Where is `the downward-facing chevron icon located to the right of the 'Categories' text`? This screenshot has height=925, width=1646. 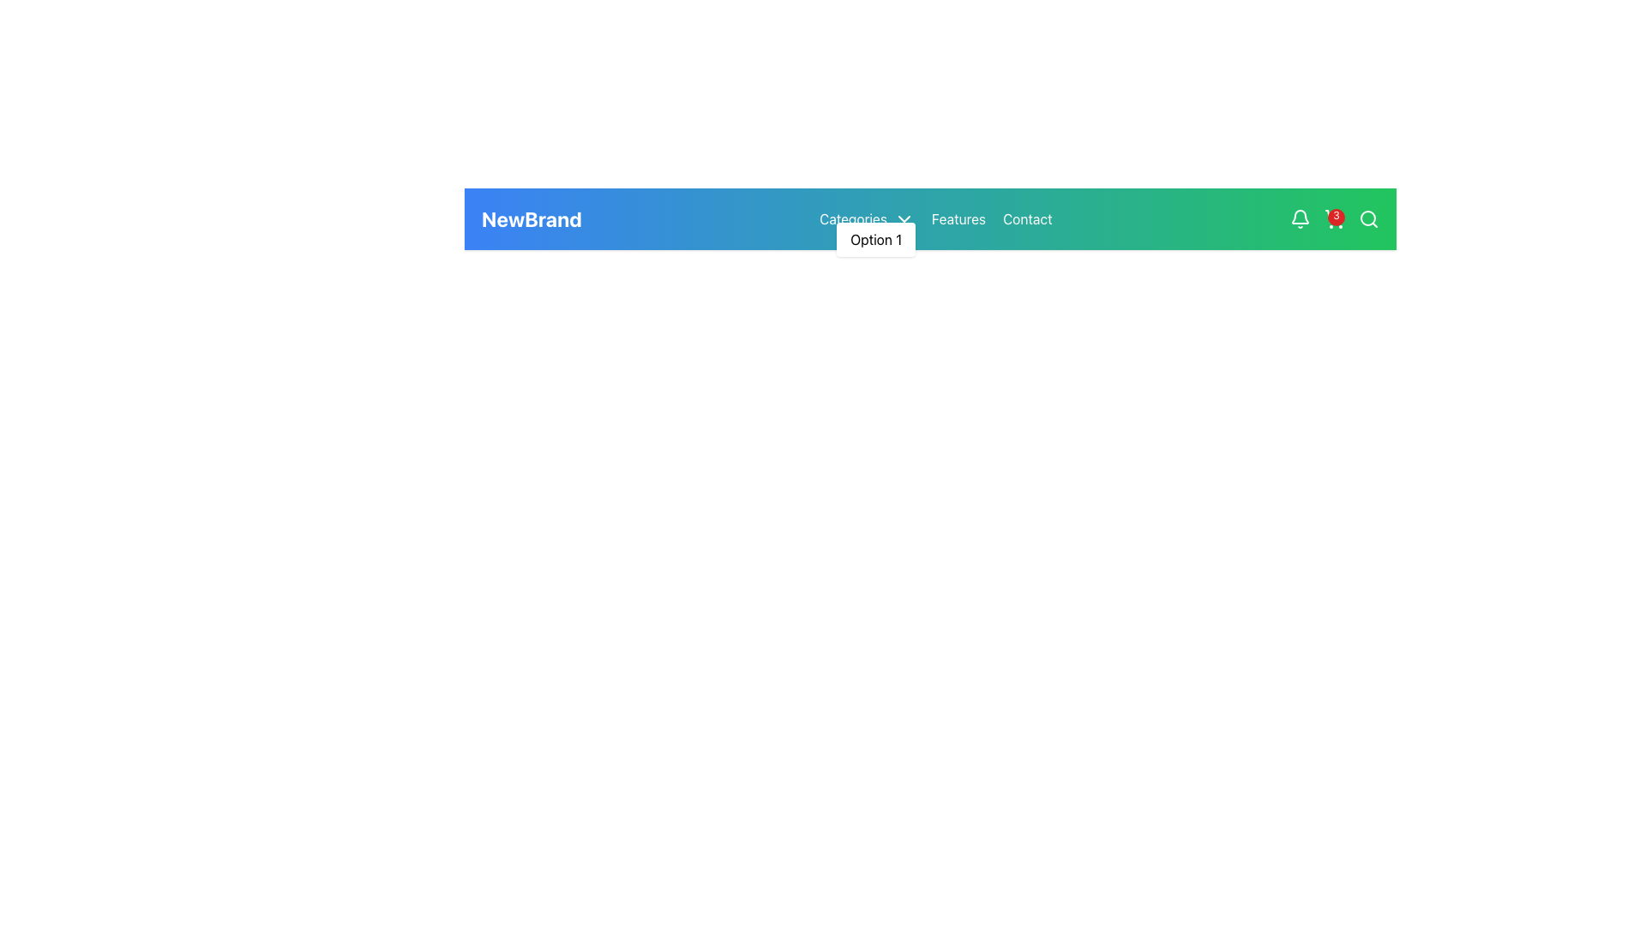 the downward-facing chevron icon located to the right of the 'Categories' text is located at coordinates (903, 218).